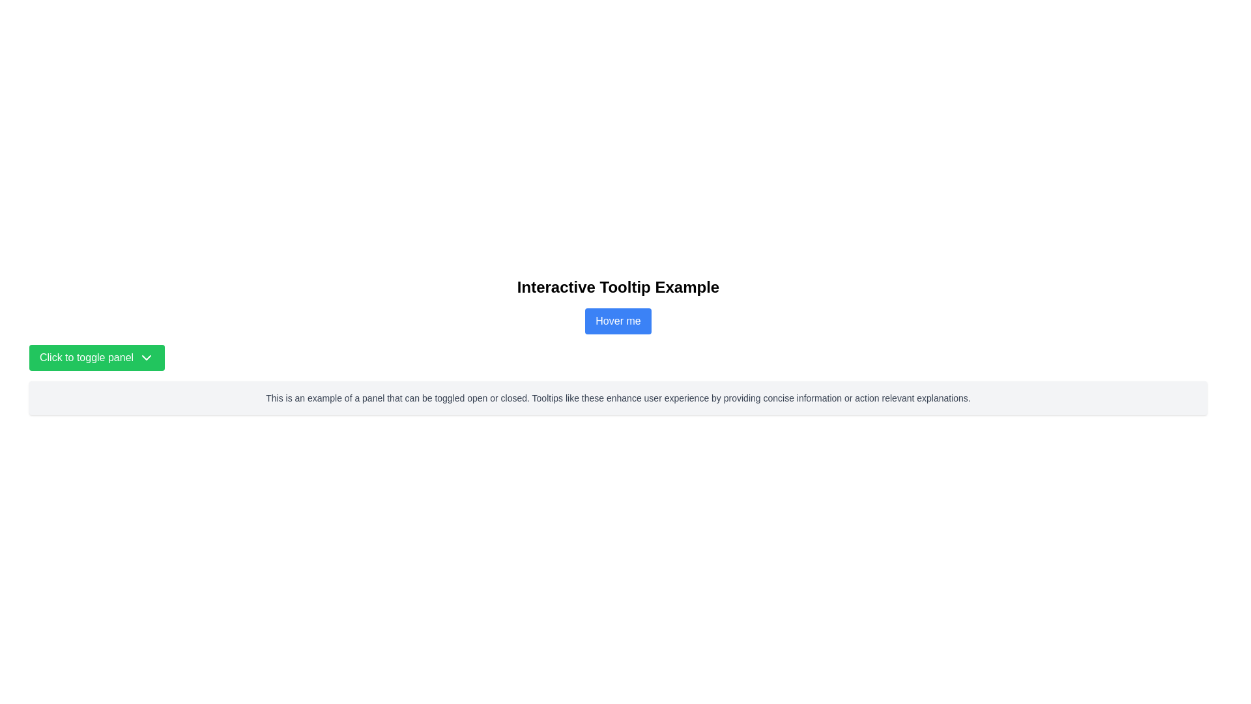 The width and height of the screenshot is (1251, 704). I want to click on the centered, bold, large-sized black text element reading 'Interactive Tooltip Example' located at the top of the section, so click(618, 286).